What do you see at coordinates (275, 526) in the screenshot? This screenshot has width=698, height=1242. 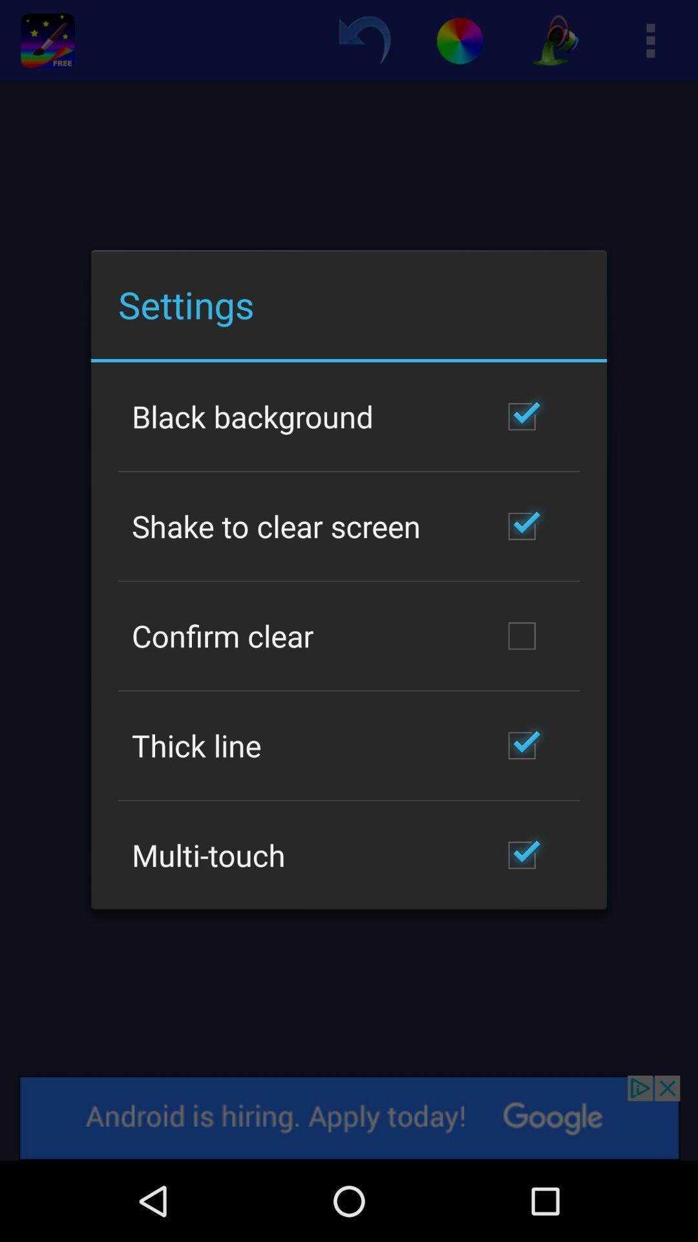 I see `the shake to clear` at bounding box center [275, 526].